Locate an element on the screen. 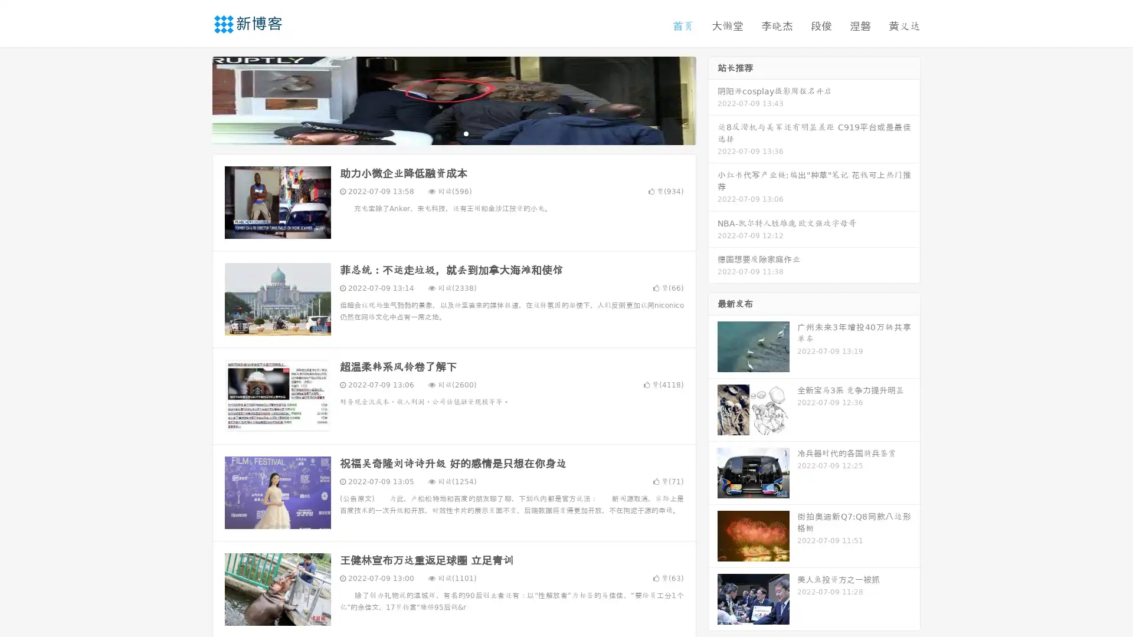  Go to slide 3 is located at coordinates (466, 133).